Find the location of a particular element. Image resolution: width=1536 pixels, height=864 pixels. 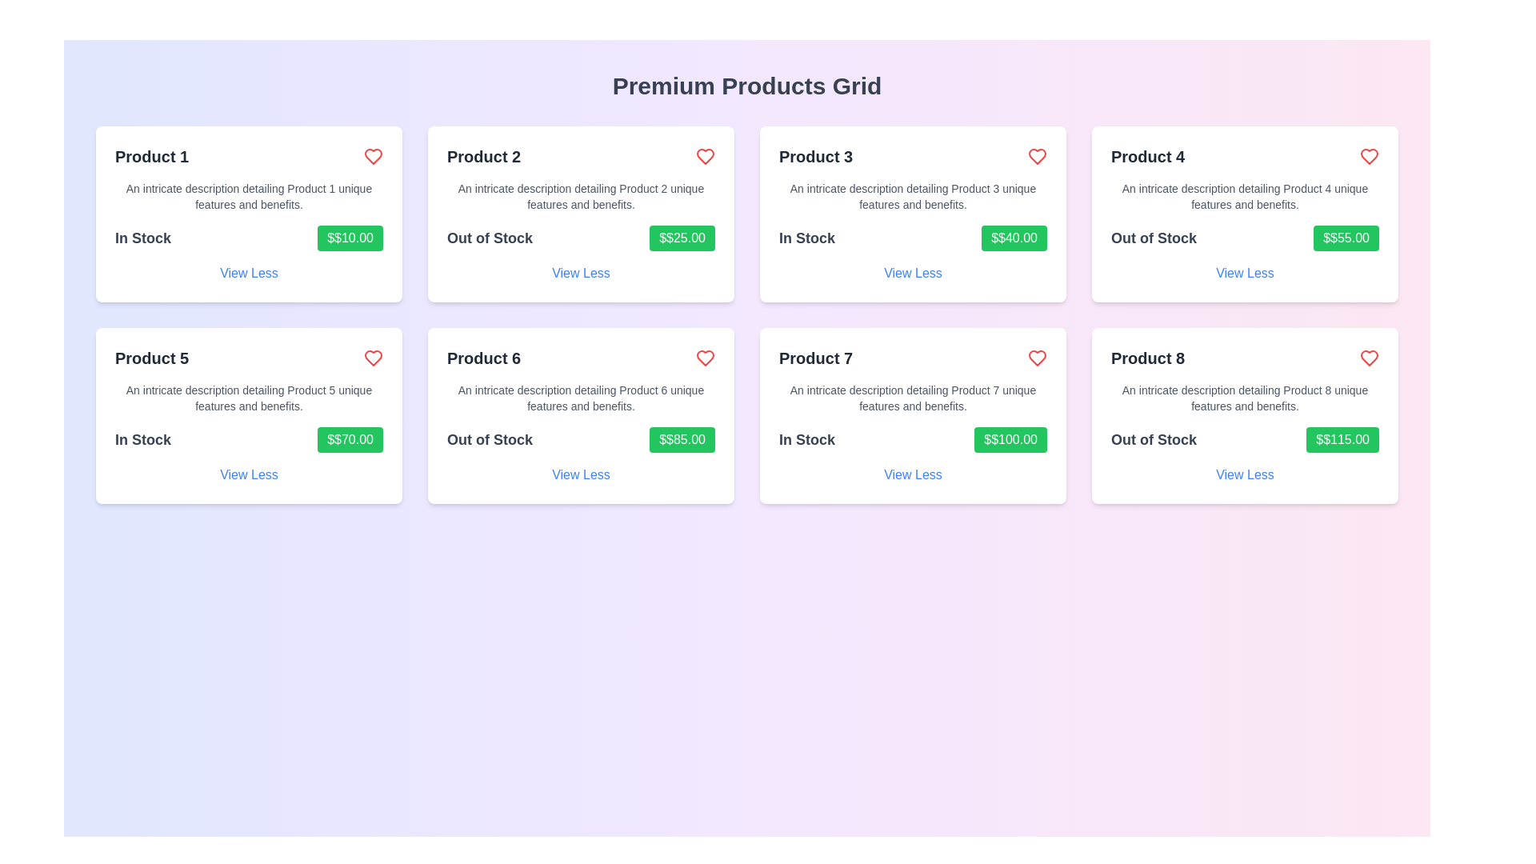

the 'In Stock' label, which is styled with a bold font and gray color, located in the 'Product 7' section next to the price tag '$100.00' is located at coordinates (806, 440).